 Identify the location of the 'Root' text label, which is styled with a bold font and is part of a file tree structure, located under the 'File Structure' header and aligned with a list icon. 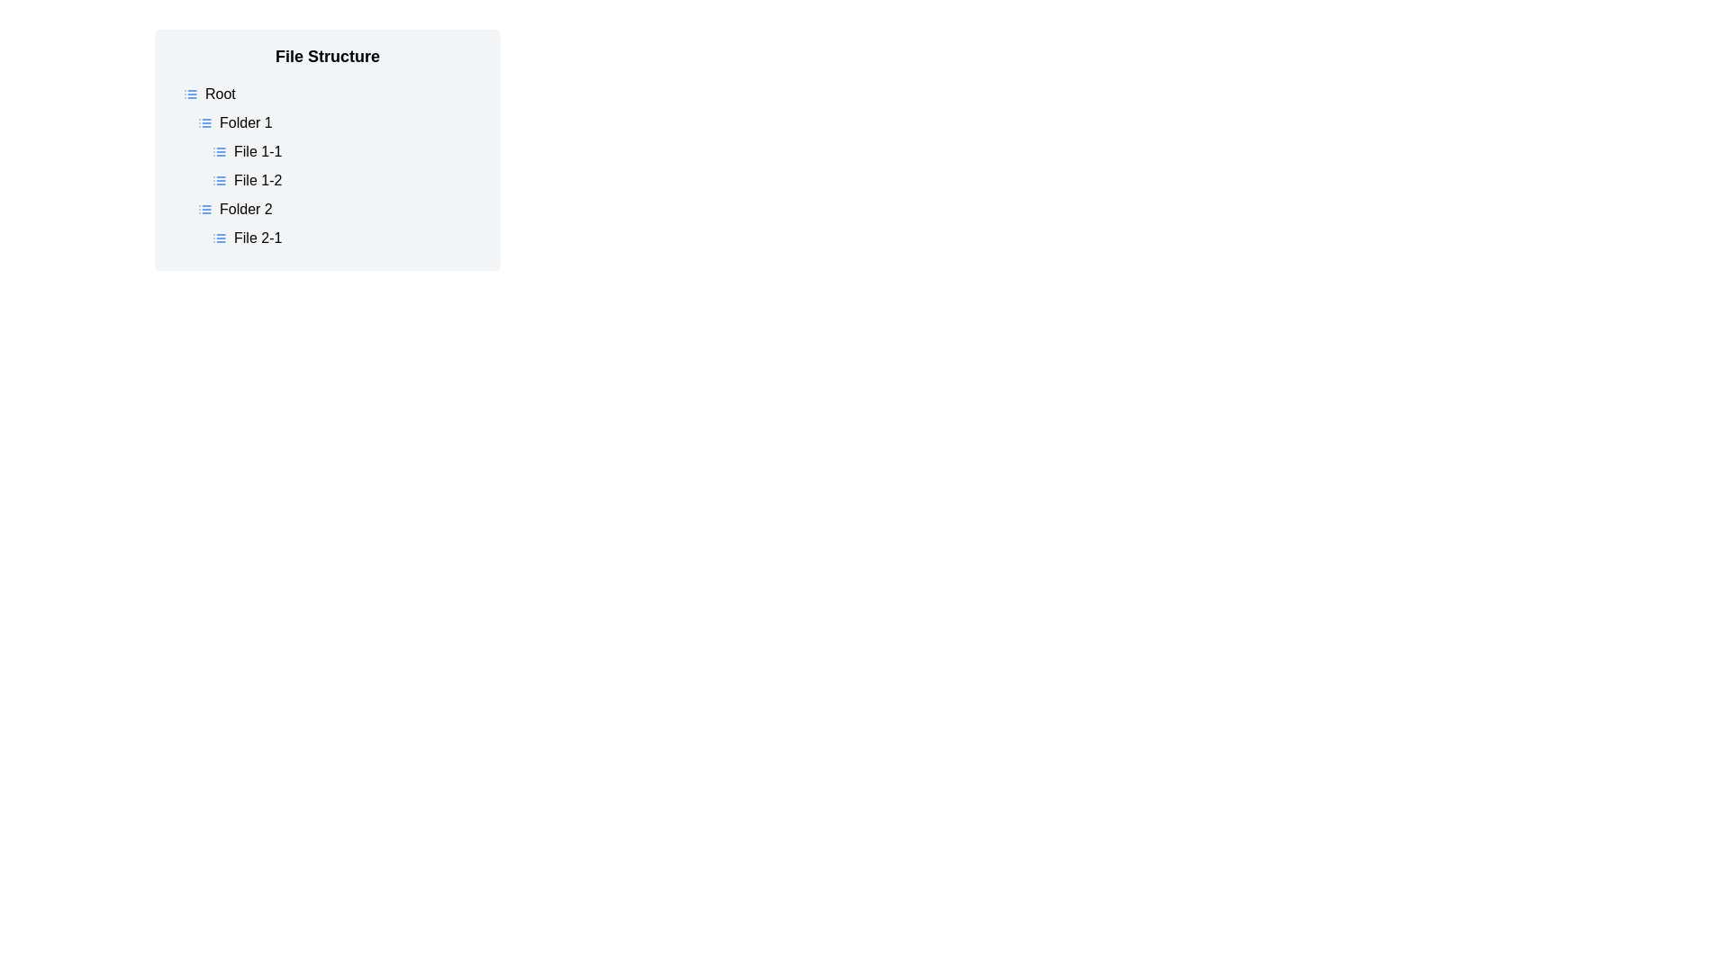
(219, 94).